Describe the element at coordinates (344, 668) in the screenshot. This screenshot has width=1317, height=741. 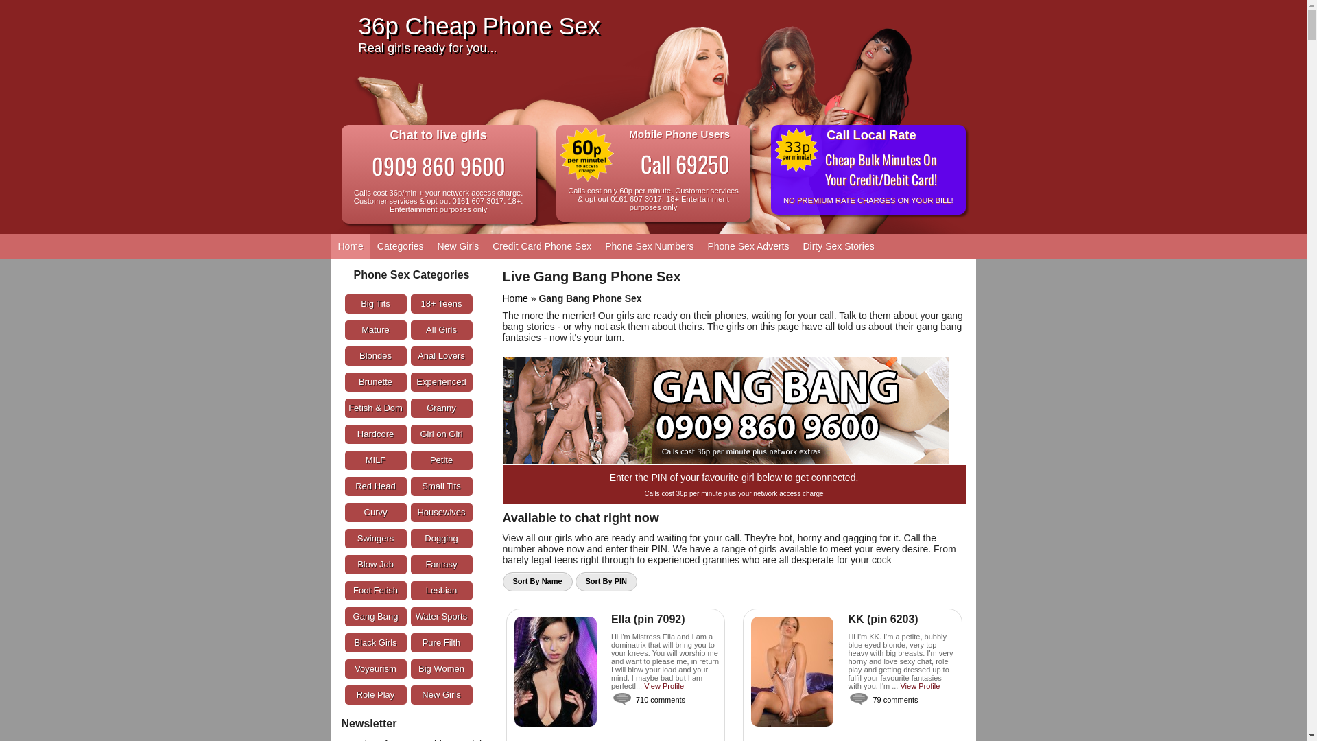
I see `'Voyeurism'` at that location.